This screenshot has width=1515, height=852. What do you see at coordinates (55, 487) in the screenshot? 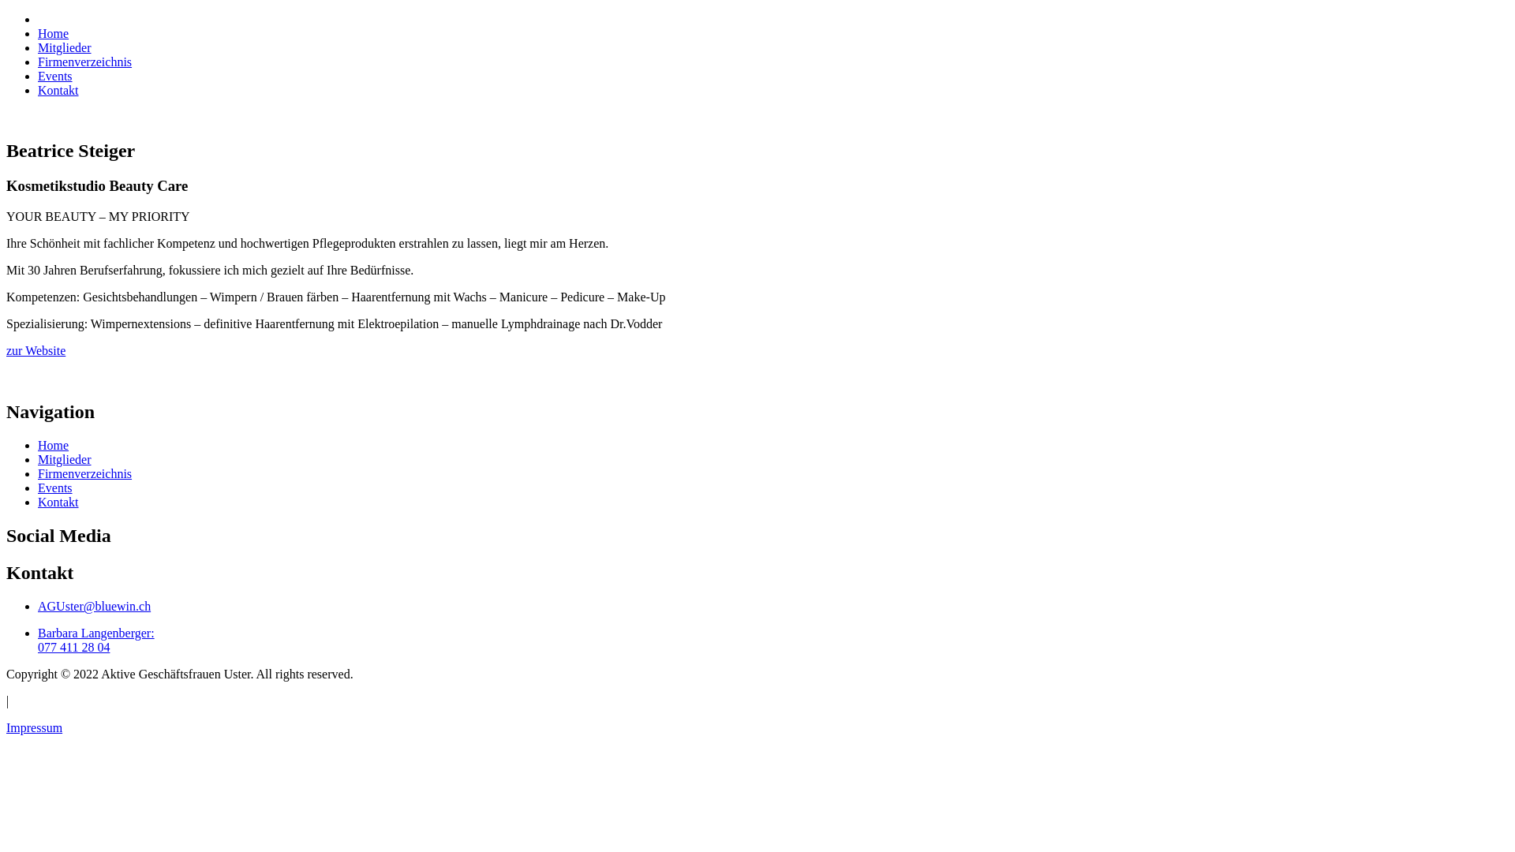
I see `'Events'` at bounding box center [55, 487].